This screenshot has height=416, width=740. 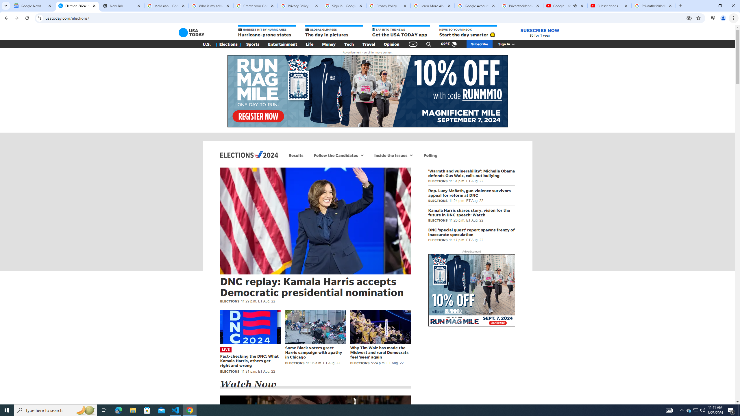 What do you see at coordinates (206, 44) in the screenshot?
I see `'U.S.'` at bounding box center [206, 44].